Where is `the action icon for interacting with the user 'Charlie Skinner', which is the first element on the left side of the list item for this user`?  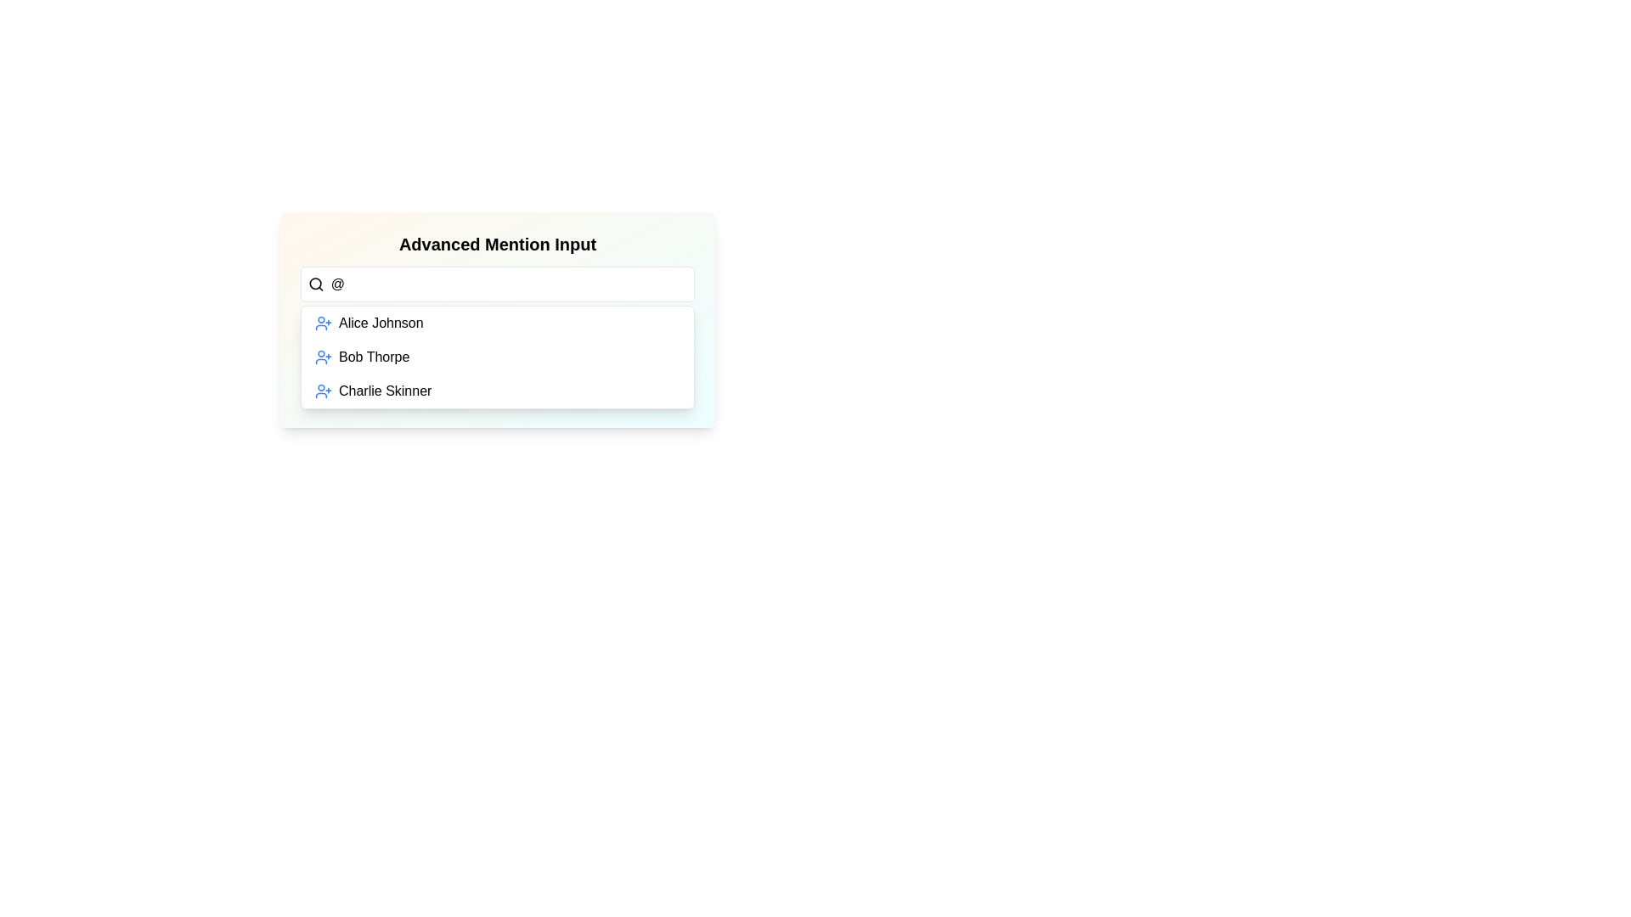 the action icon for interacting with the user 'Charlie Skinner', which is the first element on the left side of the list item for this user is located at coordinates (323, 391).